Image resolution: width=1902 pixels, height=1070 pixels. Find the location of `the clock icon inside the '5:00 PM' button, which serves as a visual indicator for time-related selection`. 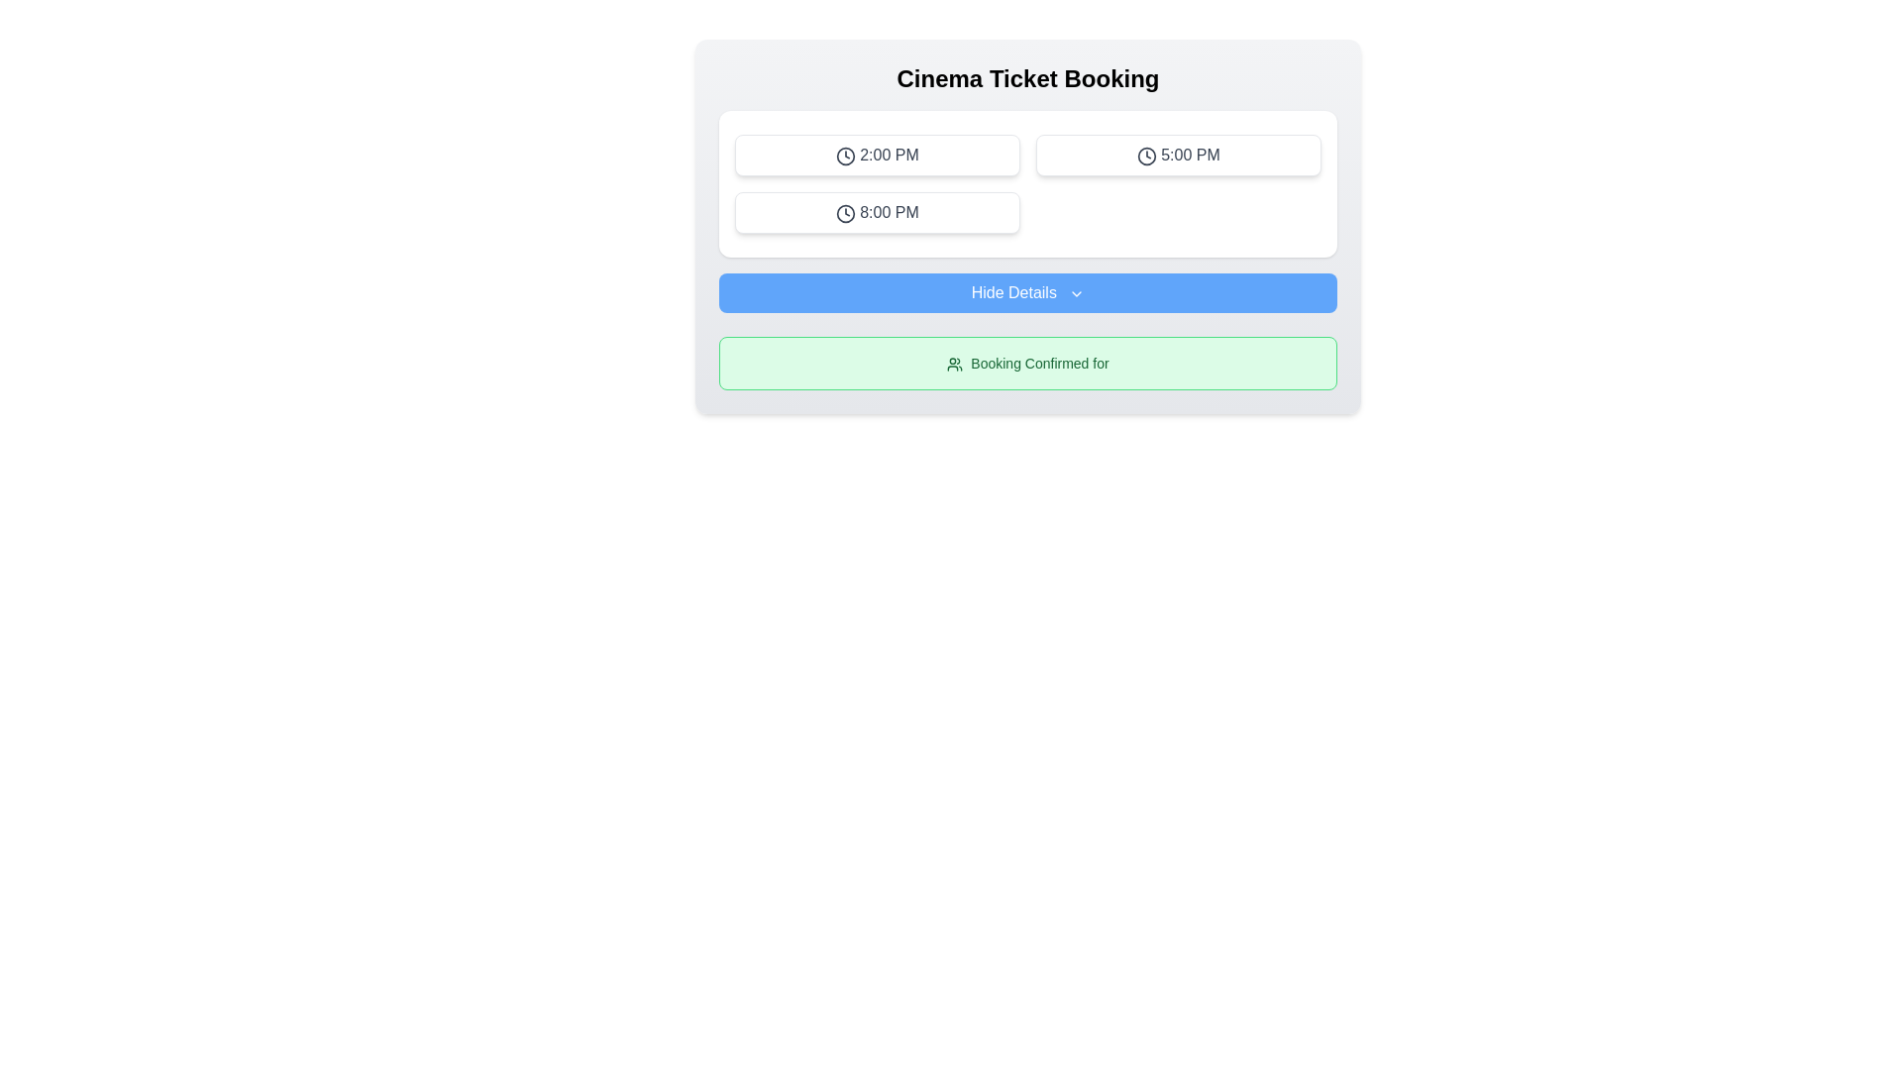

the clock icon inside the '5:00 PM' button, which serves as a visual indicator for time-related selection is located at coordinates (1147, 155).